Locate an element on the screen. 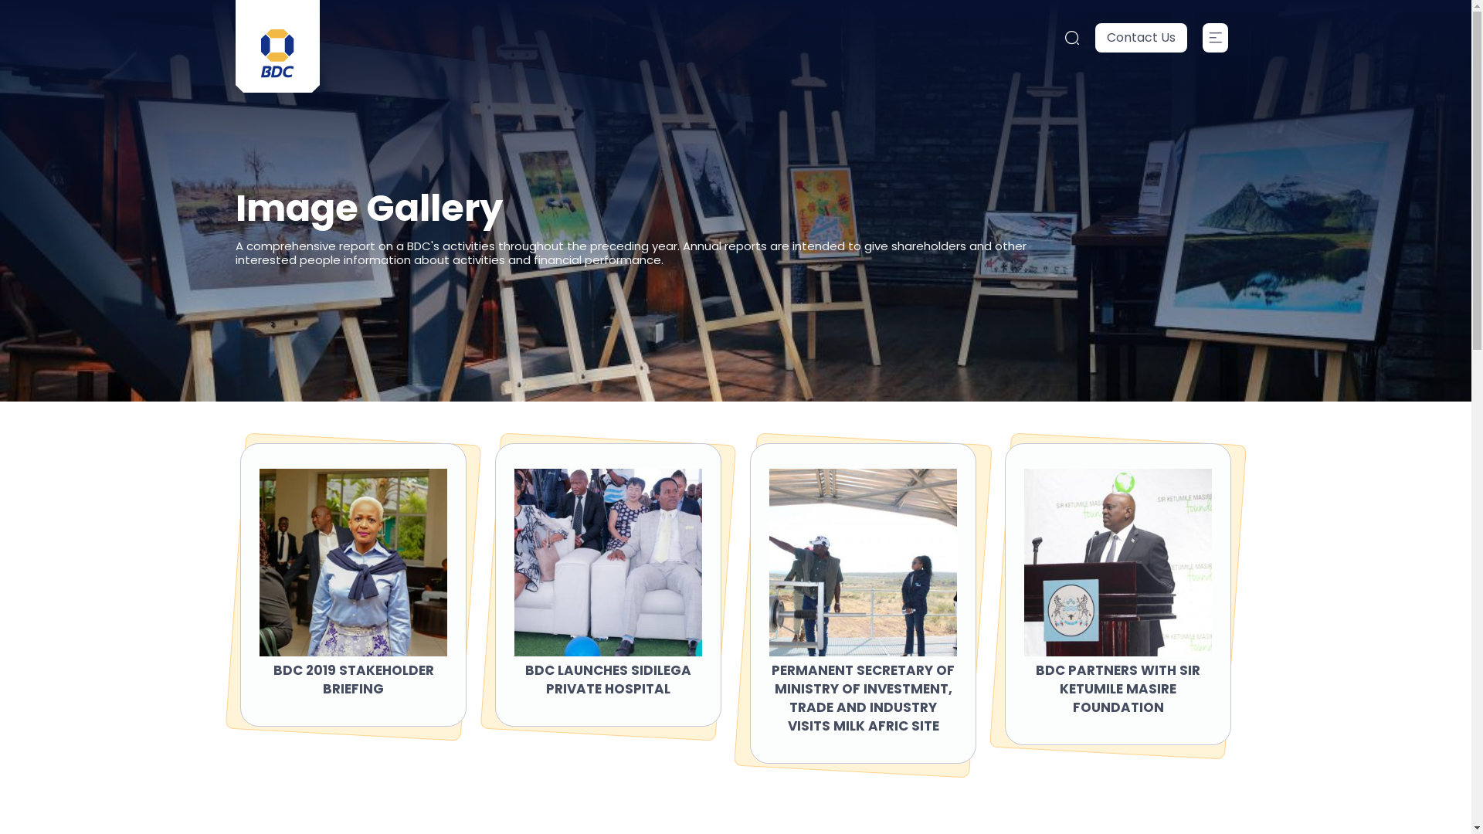 This screenshot has width=1483, height=834. 'BDC 2019 STAKEHOLDER BRIEFING' is located at coordinates (352, 678).